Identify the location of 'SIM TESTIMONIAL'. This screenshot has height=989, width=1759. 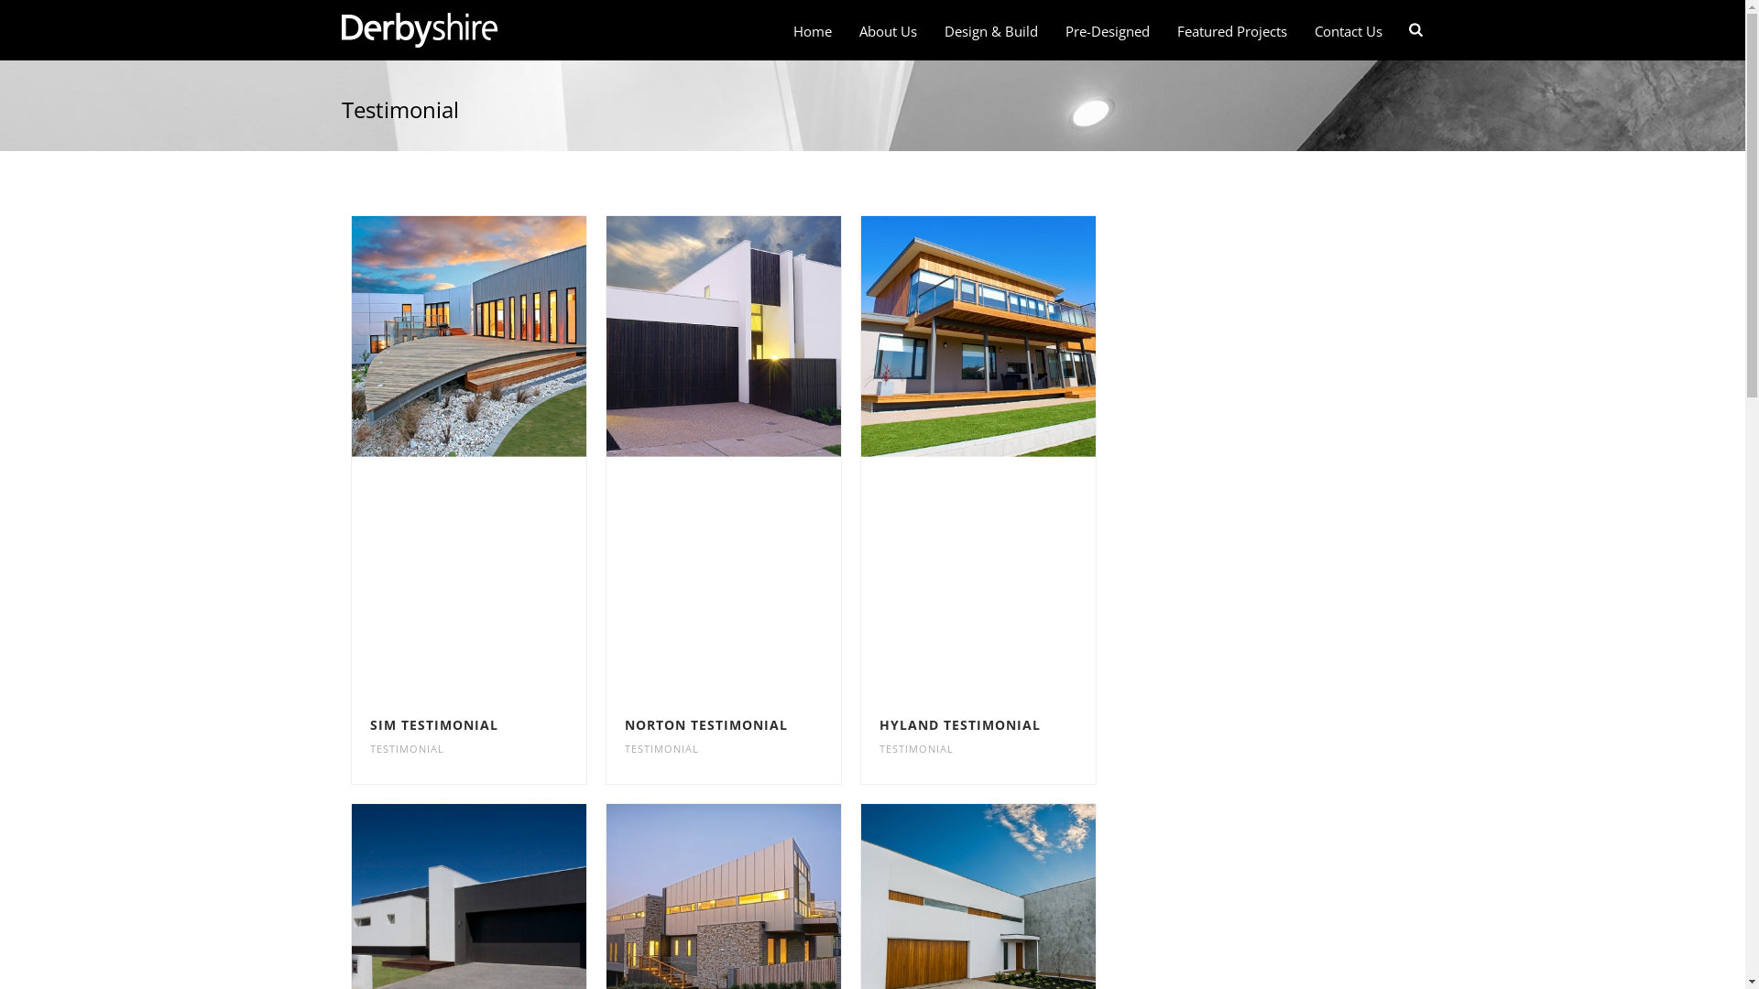
(433, 723).